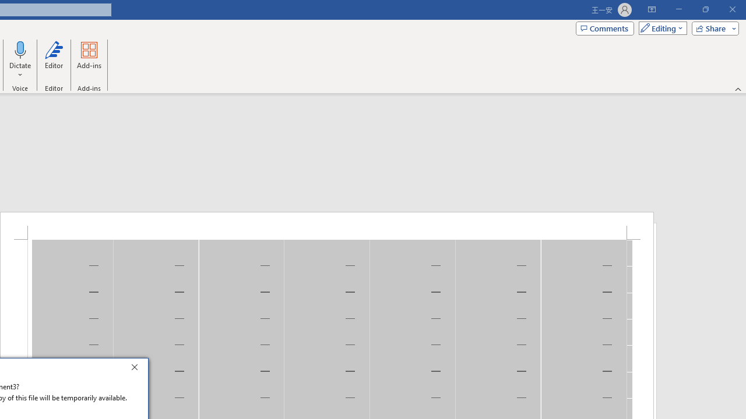  What do you see at coordinates (678, 9) in the screenshot?
I see `'Minimize'` at bounding box center [678, 9].